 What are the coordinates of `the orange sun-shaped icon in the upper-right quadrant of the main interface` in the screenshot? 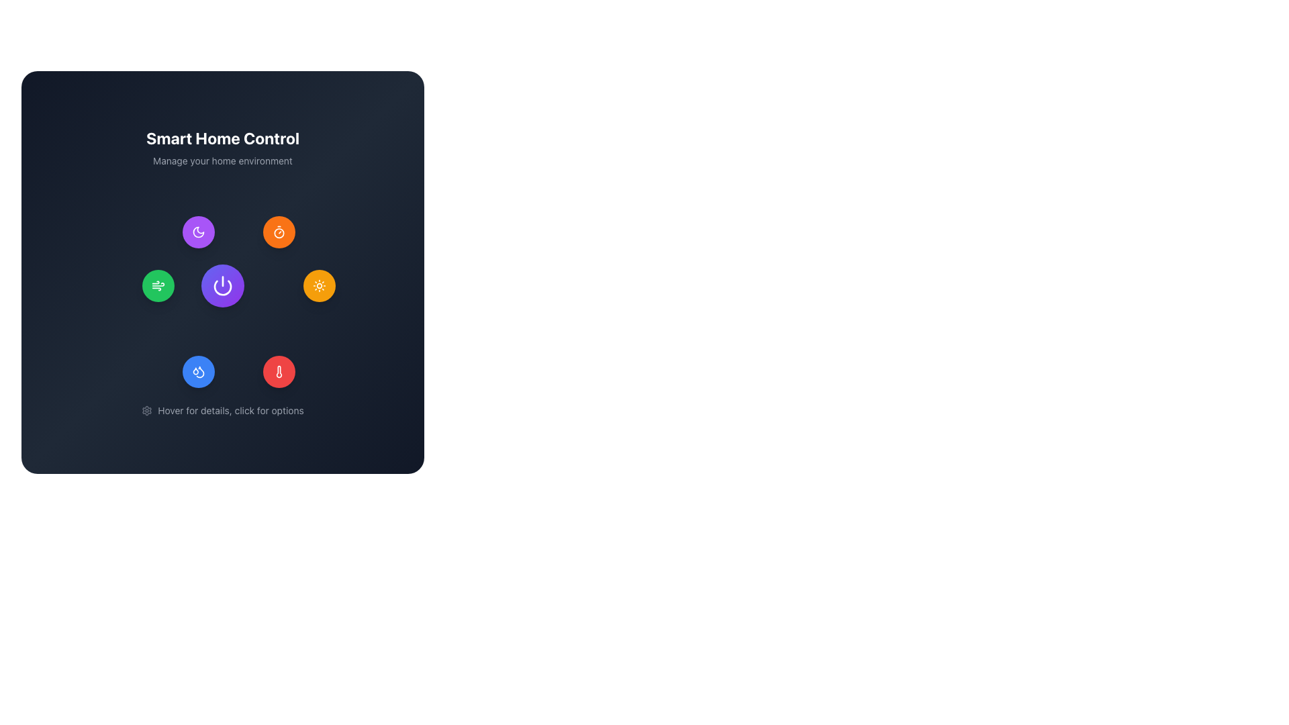 It's located at (318, 285).